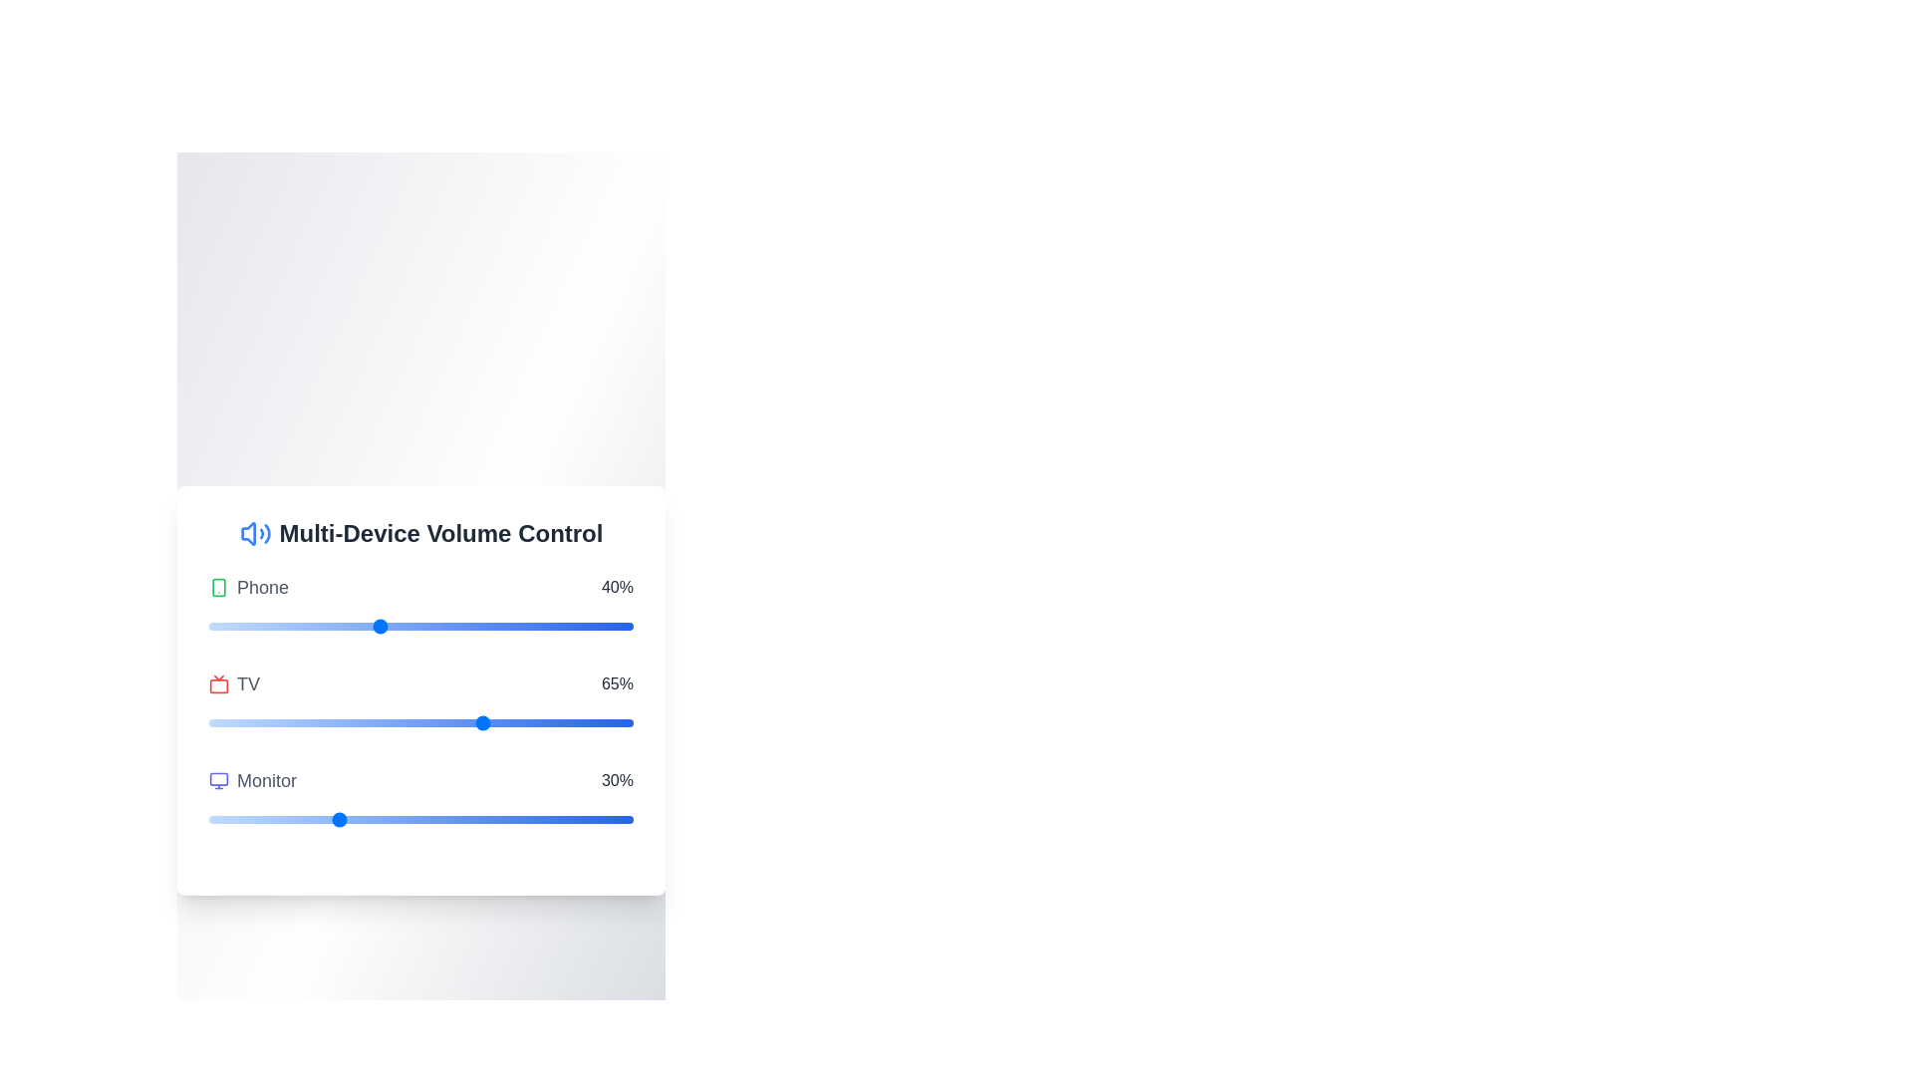 The height and width of the screenshot is (1076, 1913). What do you see at coordinates (213, 625) in the screenshot?
I see `the volume slider` at bounding box center [213, 625].